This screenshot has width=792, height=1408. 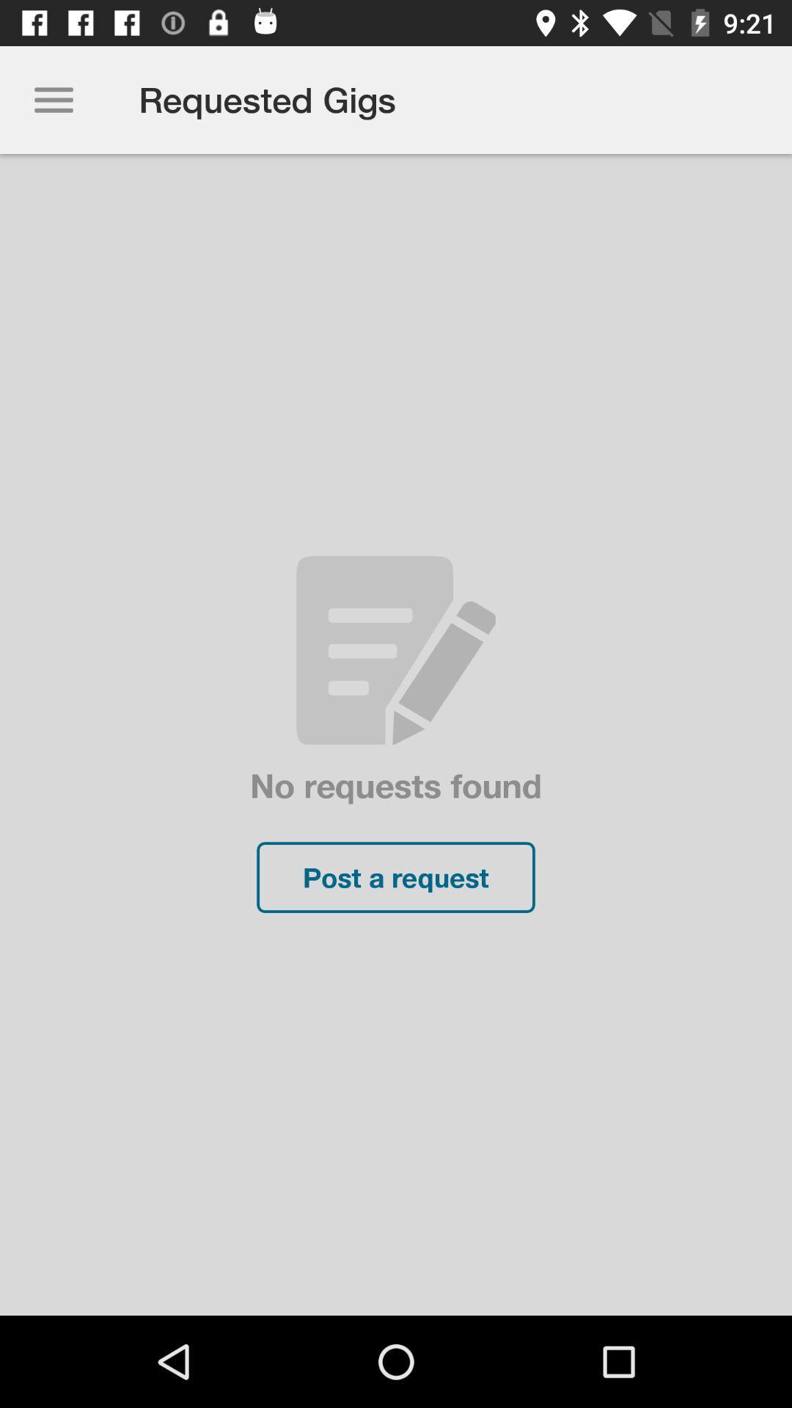 I want to click on the icon below no requests found, so click(x=396, y=877).